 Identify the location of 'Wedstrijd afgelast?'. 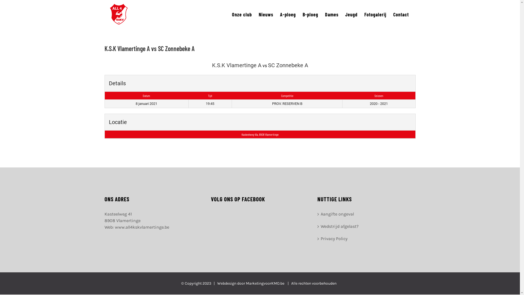
(320, 226).